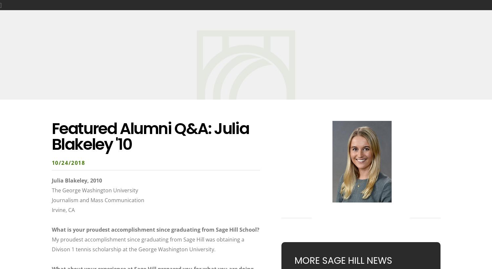  Describe the element at coordinates (229, 14) in the screenshot. I see `'Arts'` at that location.